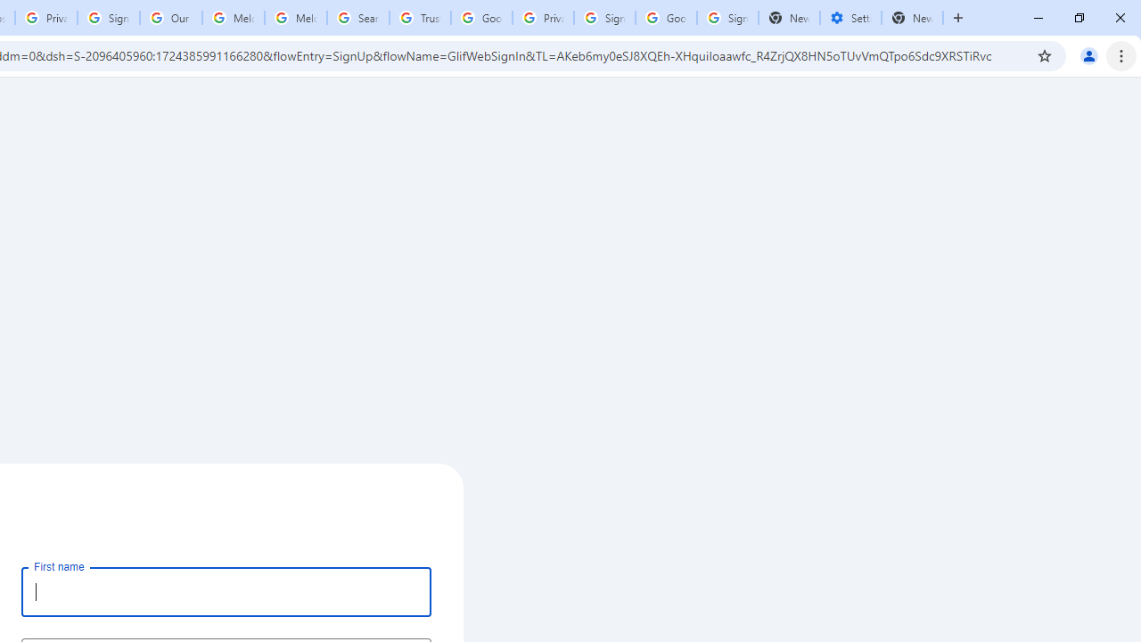 This screenshot has width=1141, height=642. What do you see at coordinates (226, 591) in the screenshot?
I see `'First name'` at bounding box center [226, 591].